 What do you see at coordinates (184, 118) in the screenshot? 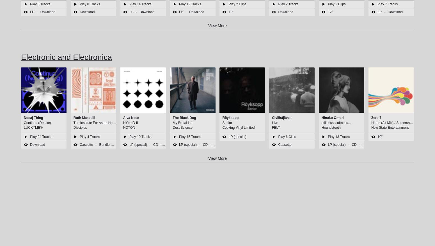
I see `'The Black Dog'` at bounding box center [184, 118].